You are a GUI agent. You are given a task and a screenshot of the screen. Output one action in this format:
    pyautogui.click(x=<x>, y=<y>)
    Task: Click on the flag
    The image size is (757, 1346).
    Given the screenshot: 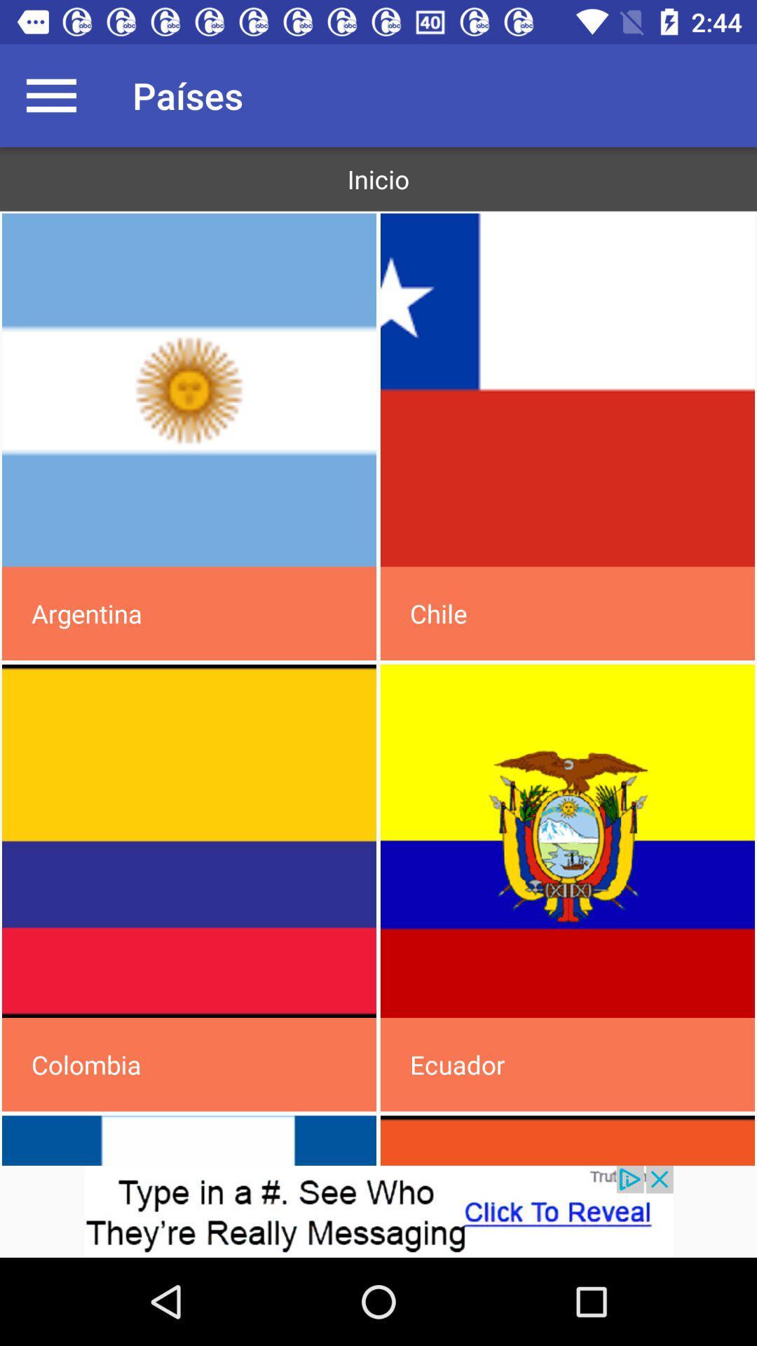 What is the action you would take?
    pyautogui.click(x=568, y=841)
    